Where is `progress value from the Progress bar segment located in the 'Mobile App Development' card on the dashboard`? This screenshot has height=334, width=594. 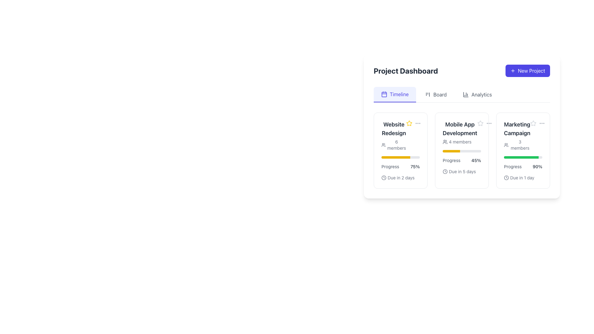 progress value from the Progress bar segment located in the 'Mobile App Development' card on the dashboard is located at coordinates (451, 151).